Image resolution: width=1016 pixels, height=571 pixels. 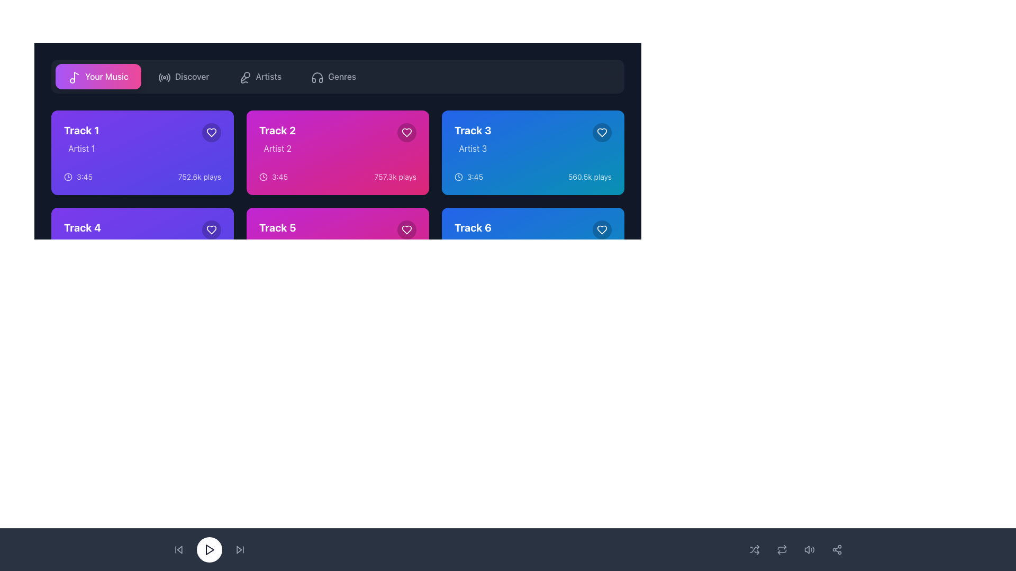 I want to click on text content of the Text Label identifying the artist for 'Track 2', which is located in the pink card in the second column of the first row of the track grid, so click(x=277, y=149).